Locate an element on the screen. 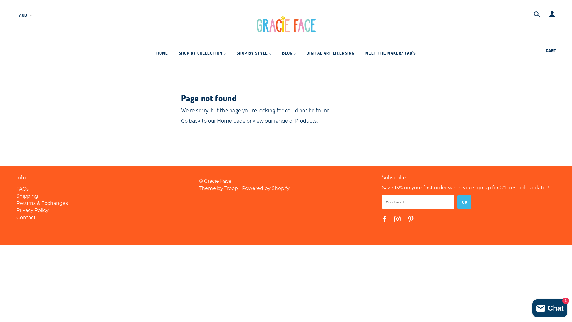 This screenshot has width=572, height=322. 'Home page' is located at coordinates (217, 121).